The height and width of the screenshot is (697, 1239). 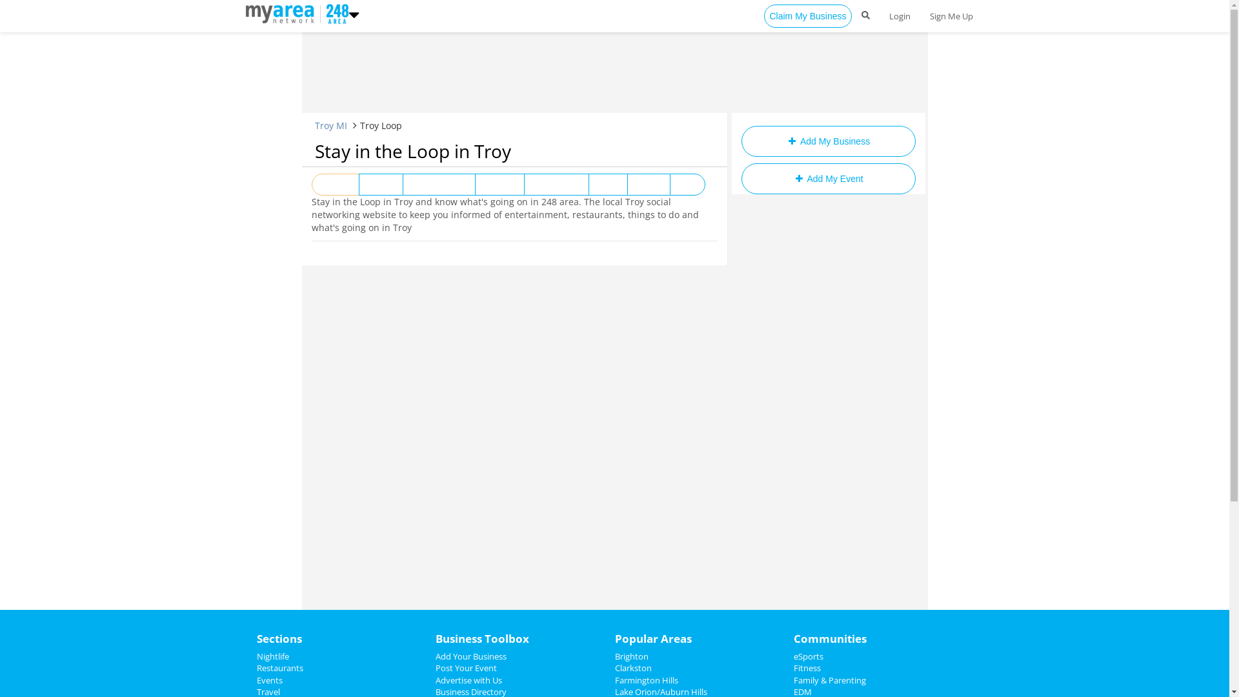 What do you see at coordinates (632, 667) in the screenshot?
I see `'Clarkston'` at bounding box center [632, 667].